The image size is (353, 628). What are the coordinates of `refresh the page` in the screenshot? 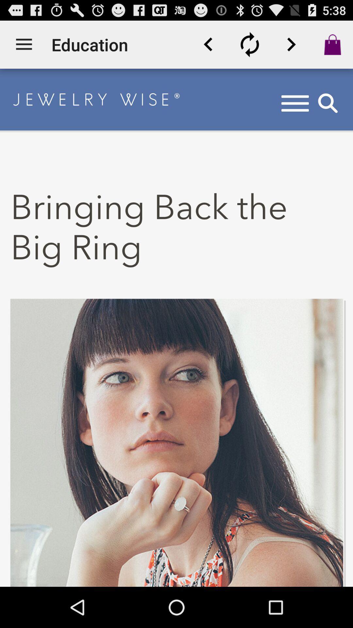 It's located at (250, 44).